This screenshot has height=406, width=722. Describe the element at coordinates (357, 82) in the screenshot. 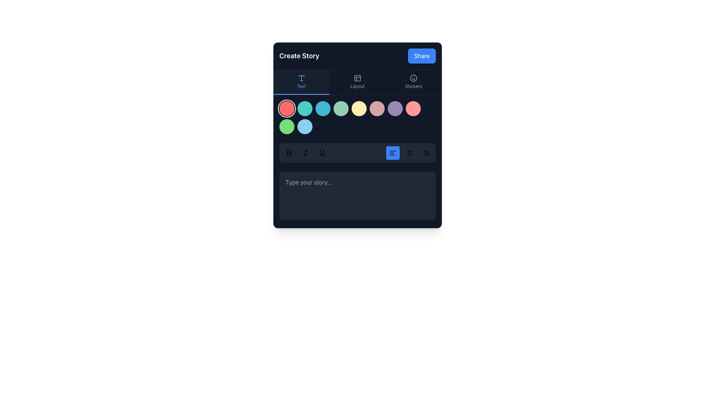

I see `the 'Layout' button, which has a dark background with an icon and is located between the 'Text' and 'Stickers' options in the upper section of the panel` at that location.